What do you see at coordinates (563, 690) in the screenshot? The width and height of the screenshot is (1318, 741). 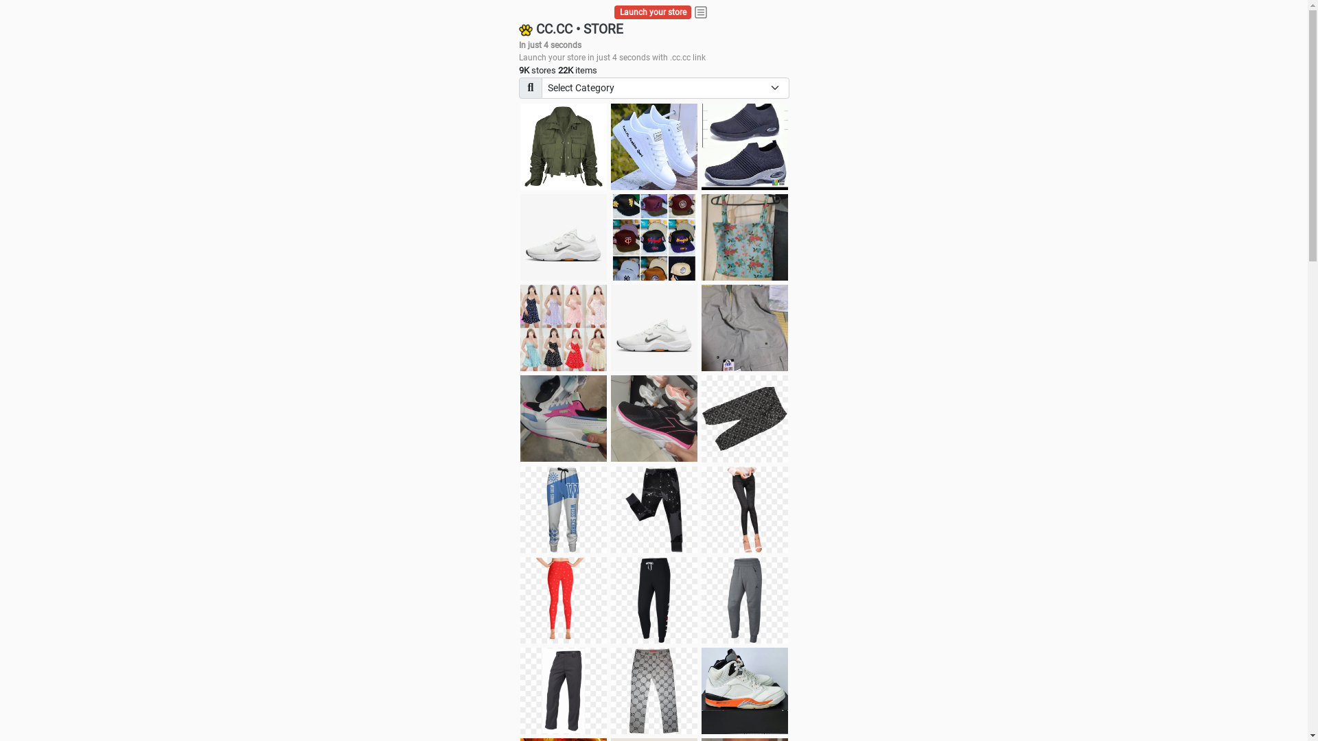 I see `'Pant'` at bounding box center [563, 690].